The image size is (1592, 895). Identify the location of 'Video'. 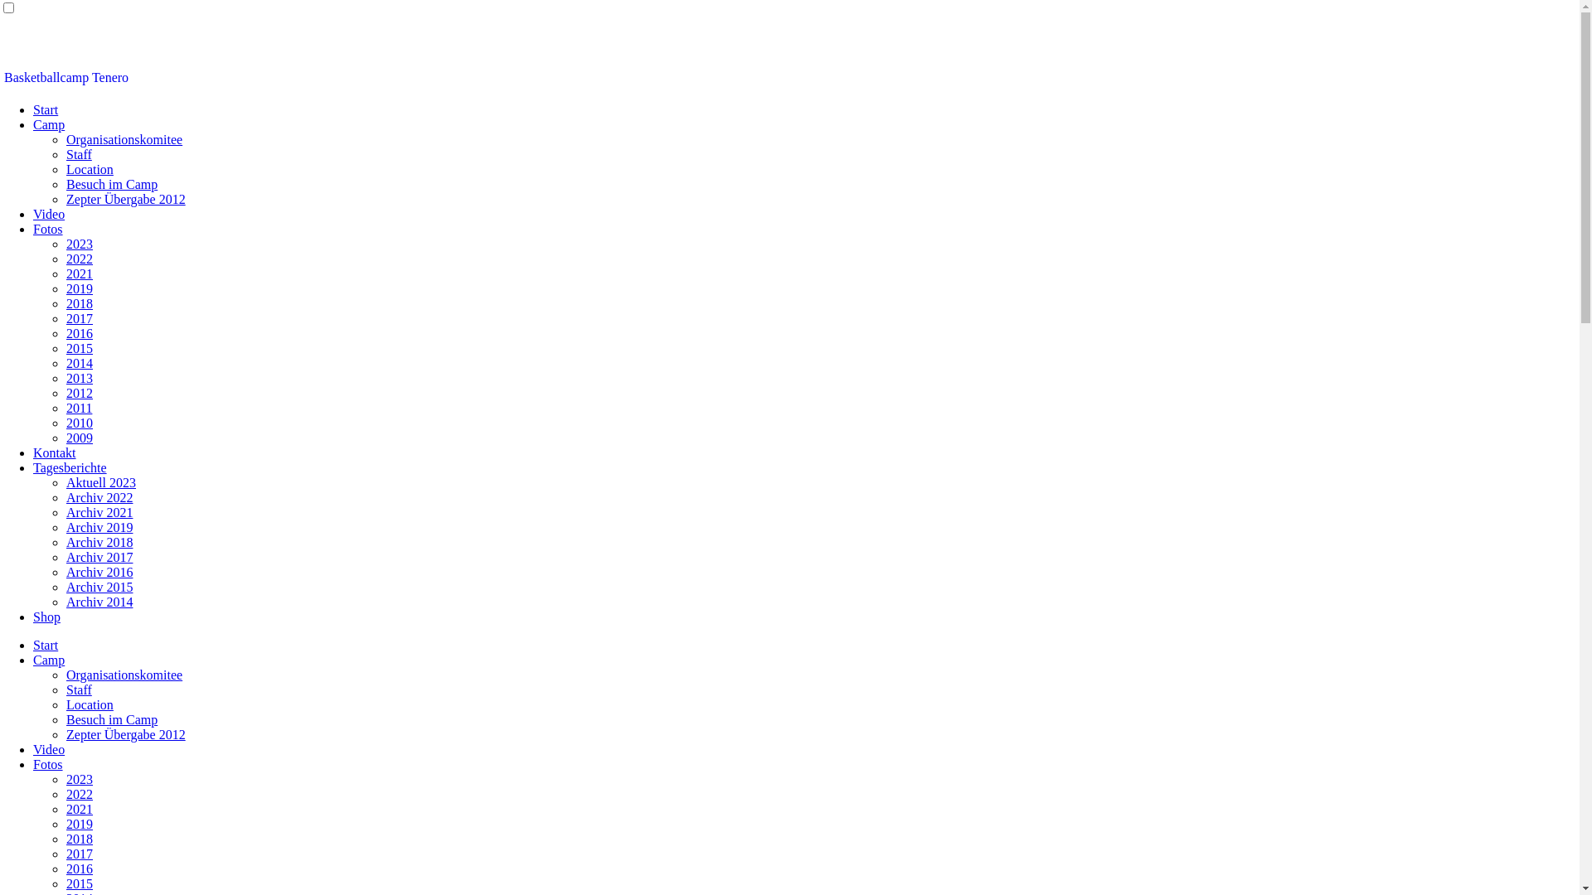
(48, 213).